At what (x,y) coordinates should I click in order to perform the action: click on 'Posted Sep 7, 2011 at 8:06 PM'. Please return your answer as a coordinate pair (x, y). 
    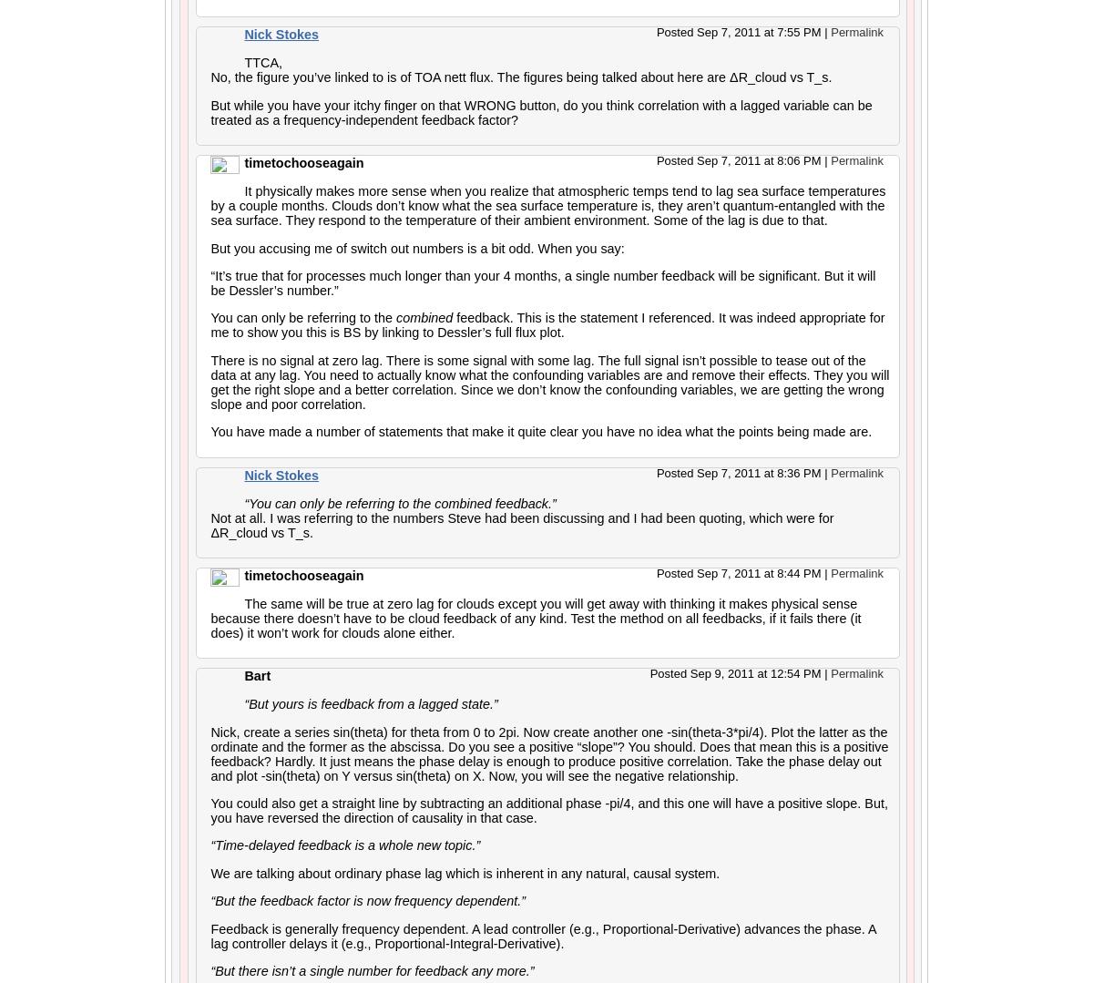
    Looking at the image, I should click on (656, 160).